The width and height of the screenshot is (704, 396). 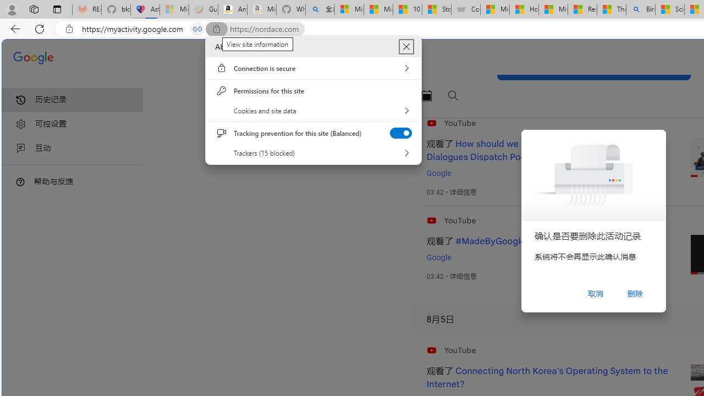 What do you see at coordinates (465, 9) in the screenshot?
I see `'Combat Siege'` at bounding box center [465, 9].